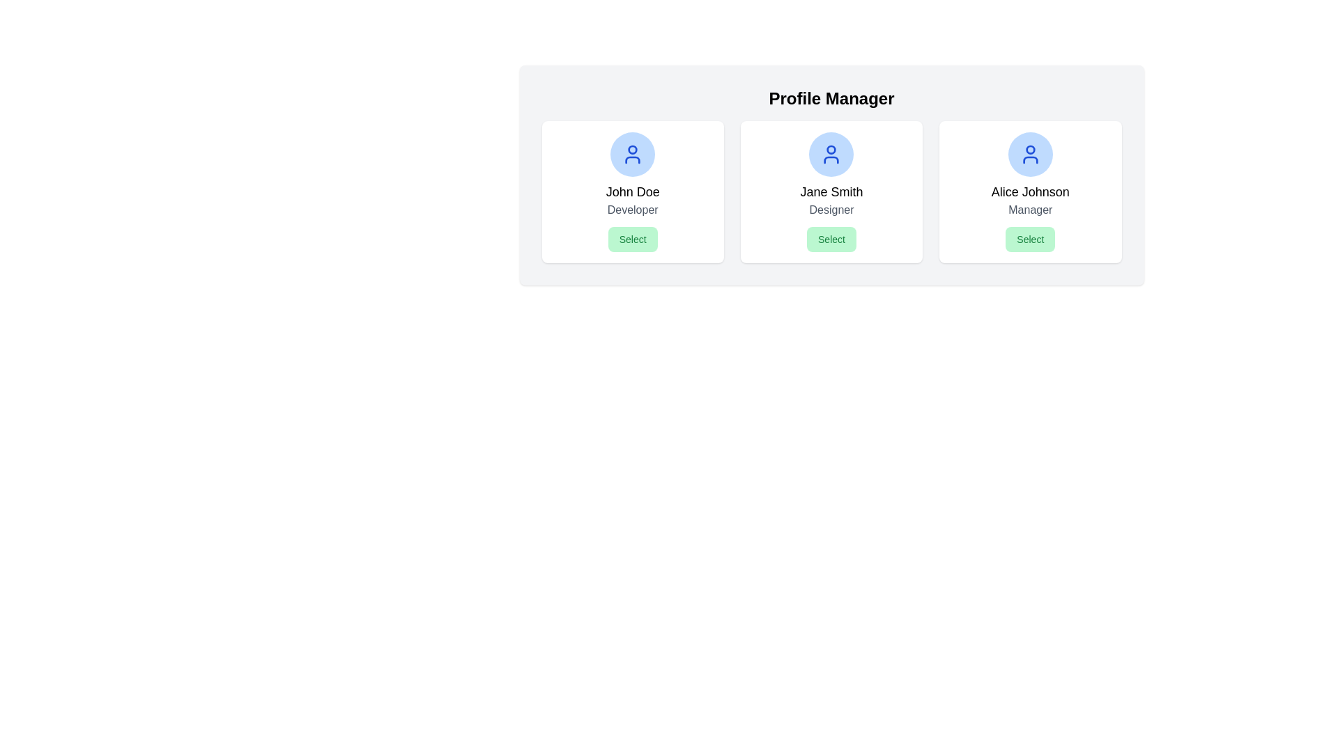 This screenshot has width=1338, height=752. I want to click on the Static Text displaying 'Jane Smith', which is centrally located within the second profile card from the left, positioned between the profile picture above and the role text 'Designer' below, so click(831, 192).